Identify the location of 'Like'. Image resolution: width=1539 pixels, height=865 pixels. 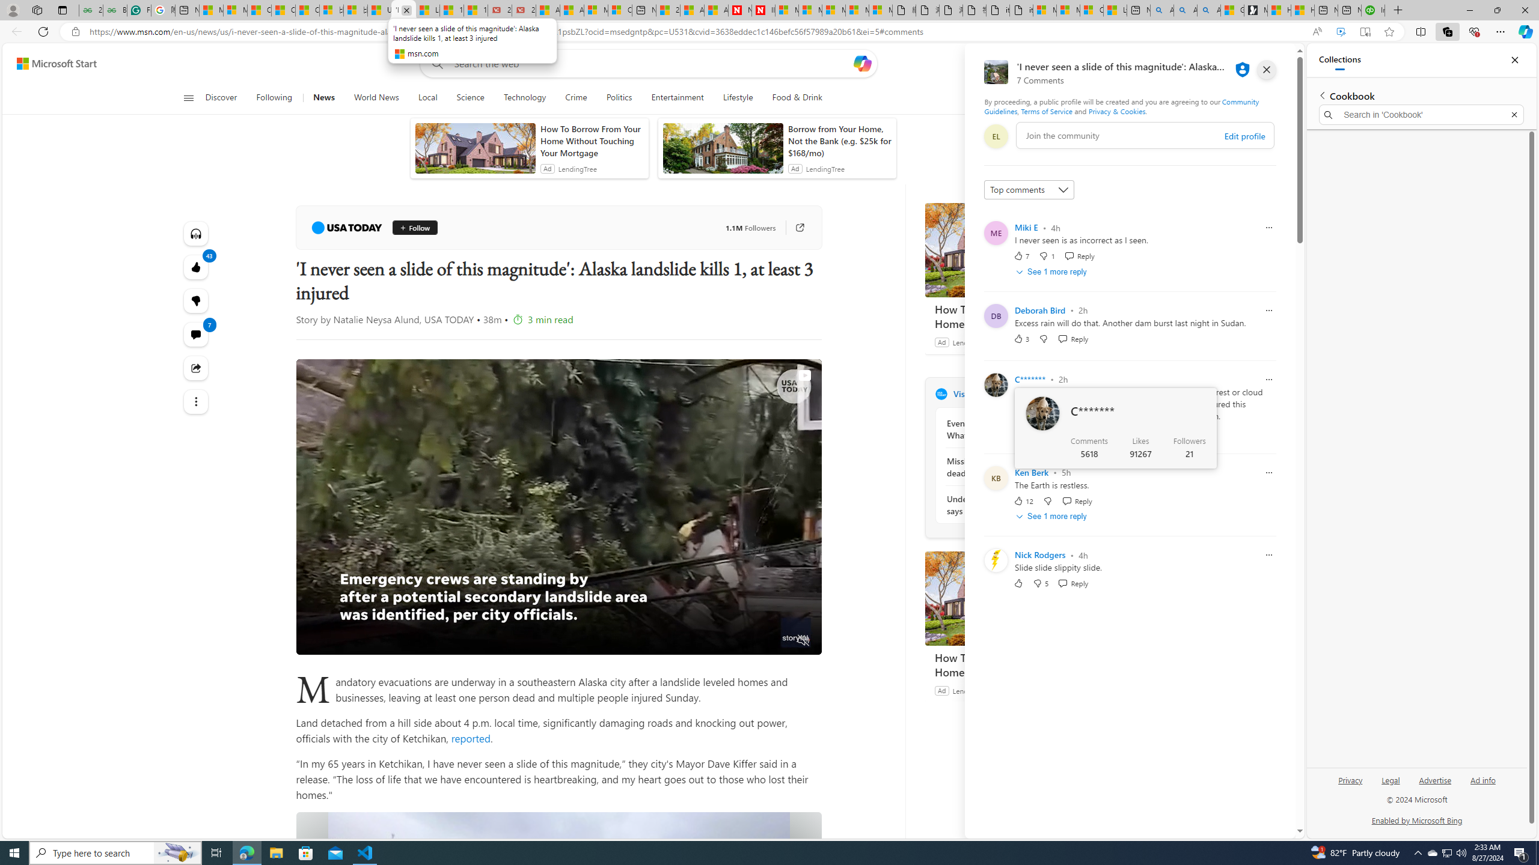
(1017, 583).